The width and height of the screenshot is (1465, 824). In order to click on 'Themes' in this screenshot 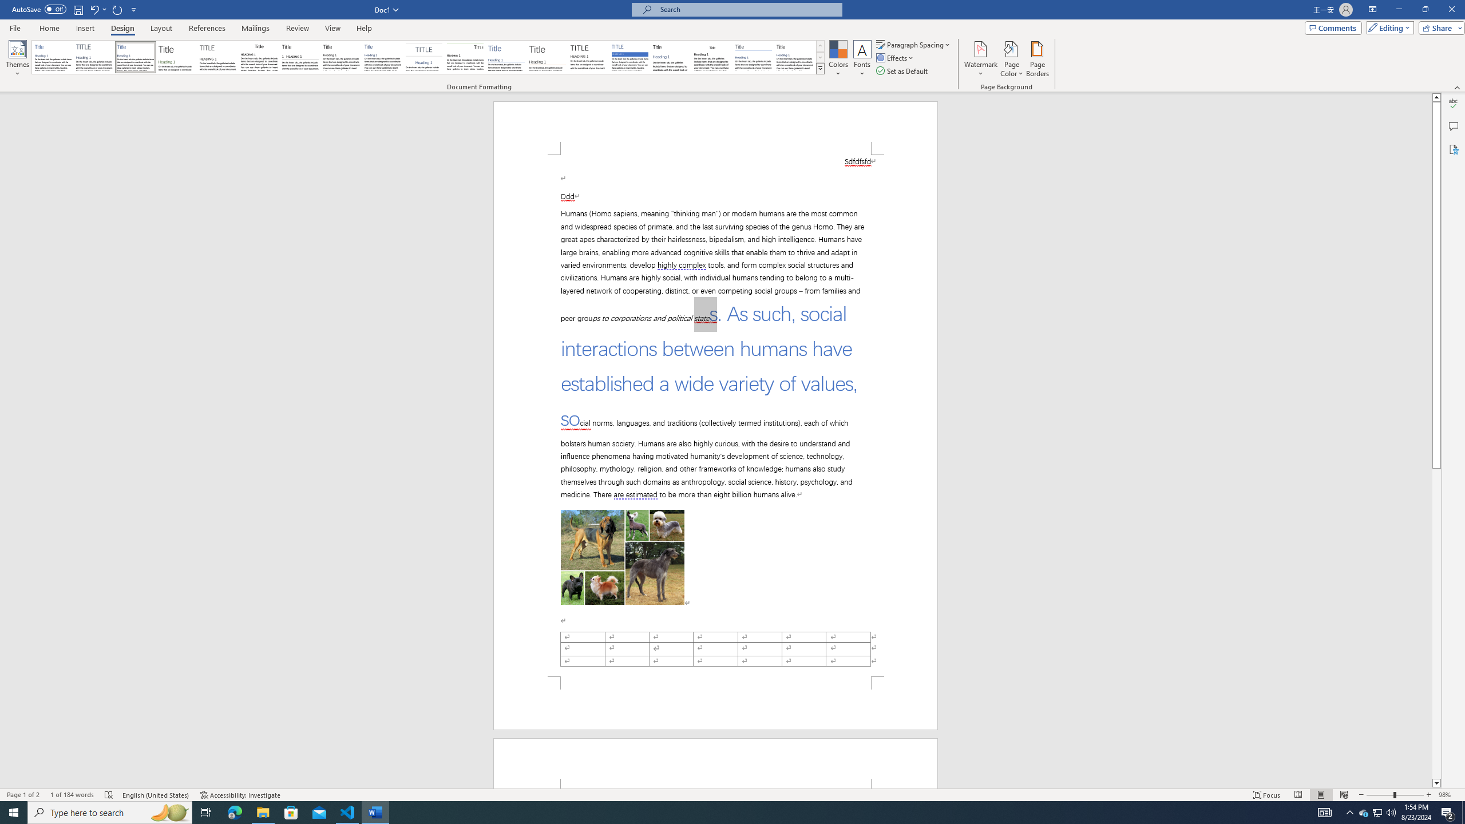, I will do `click(17, 59)`.